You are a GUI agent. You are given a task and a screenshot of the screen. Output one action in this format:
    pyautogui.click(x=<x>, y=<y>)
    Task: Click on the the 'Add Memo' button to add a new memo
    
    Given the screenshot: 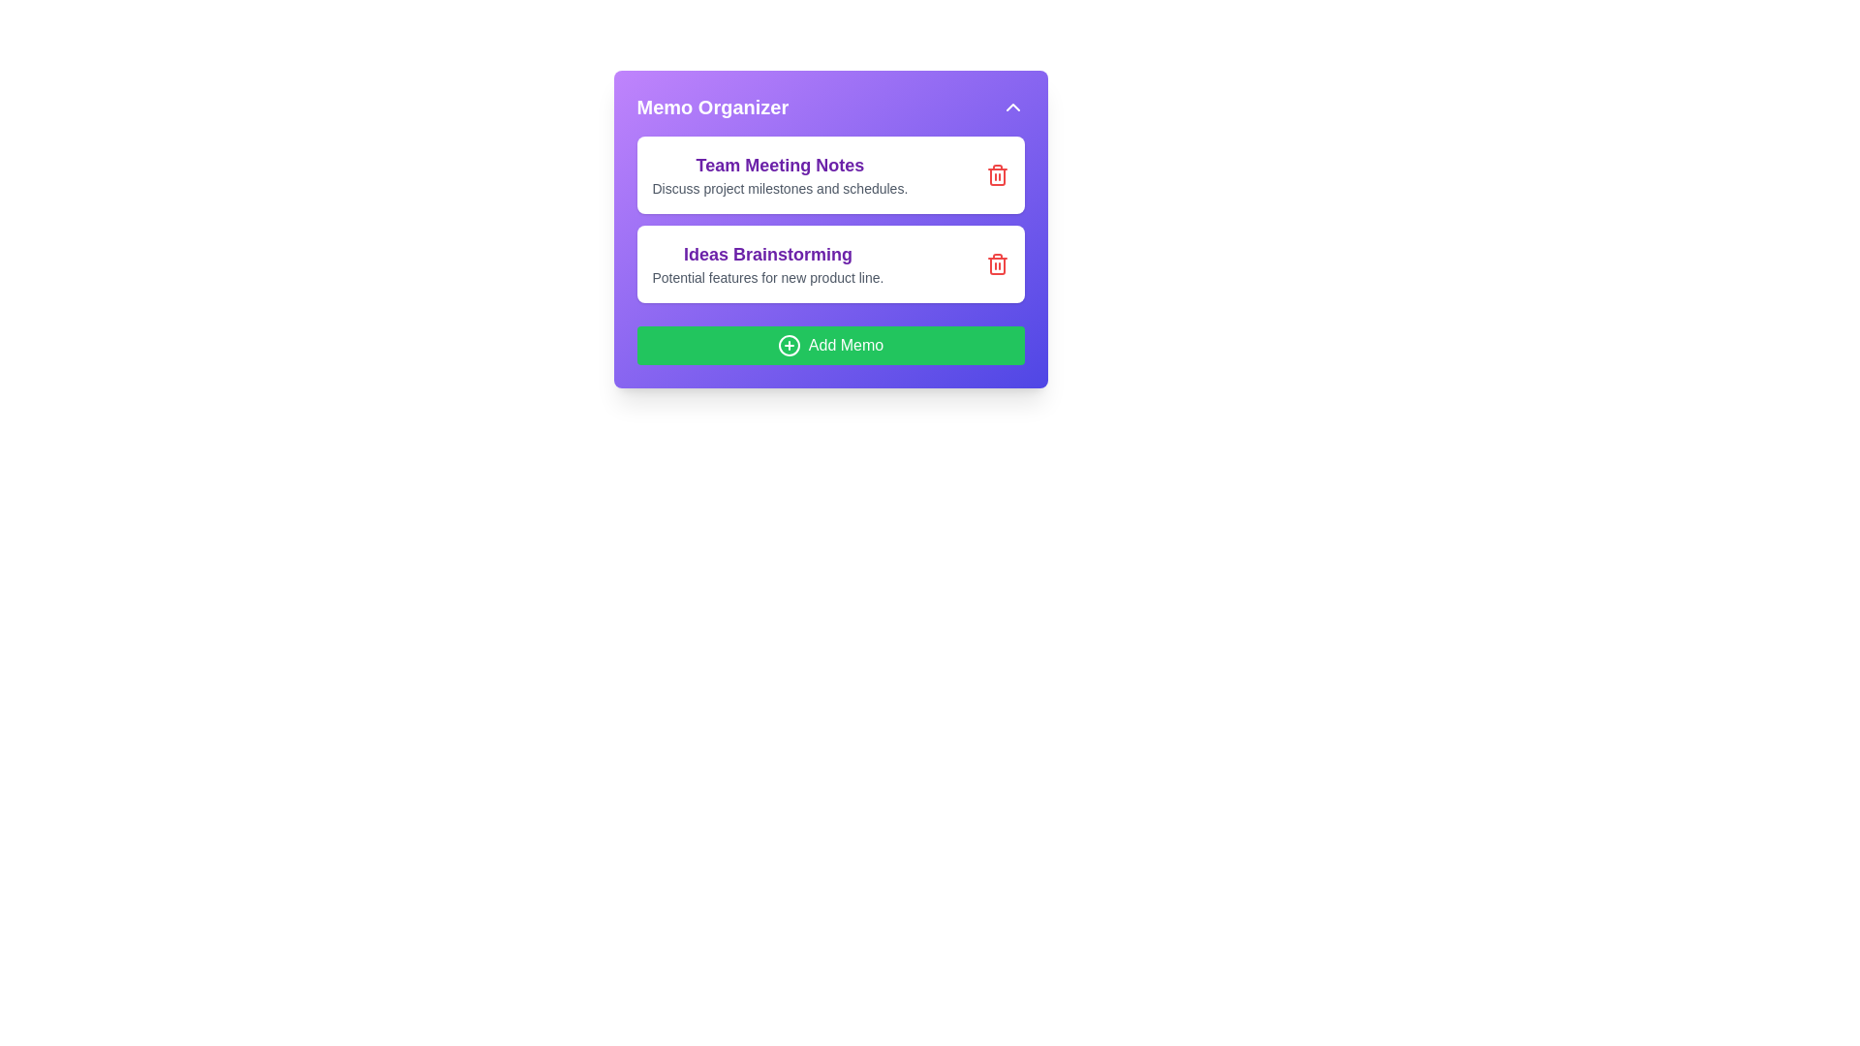 What is the action you would take?
    pyautogui.click(x=830, y=345)
    